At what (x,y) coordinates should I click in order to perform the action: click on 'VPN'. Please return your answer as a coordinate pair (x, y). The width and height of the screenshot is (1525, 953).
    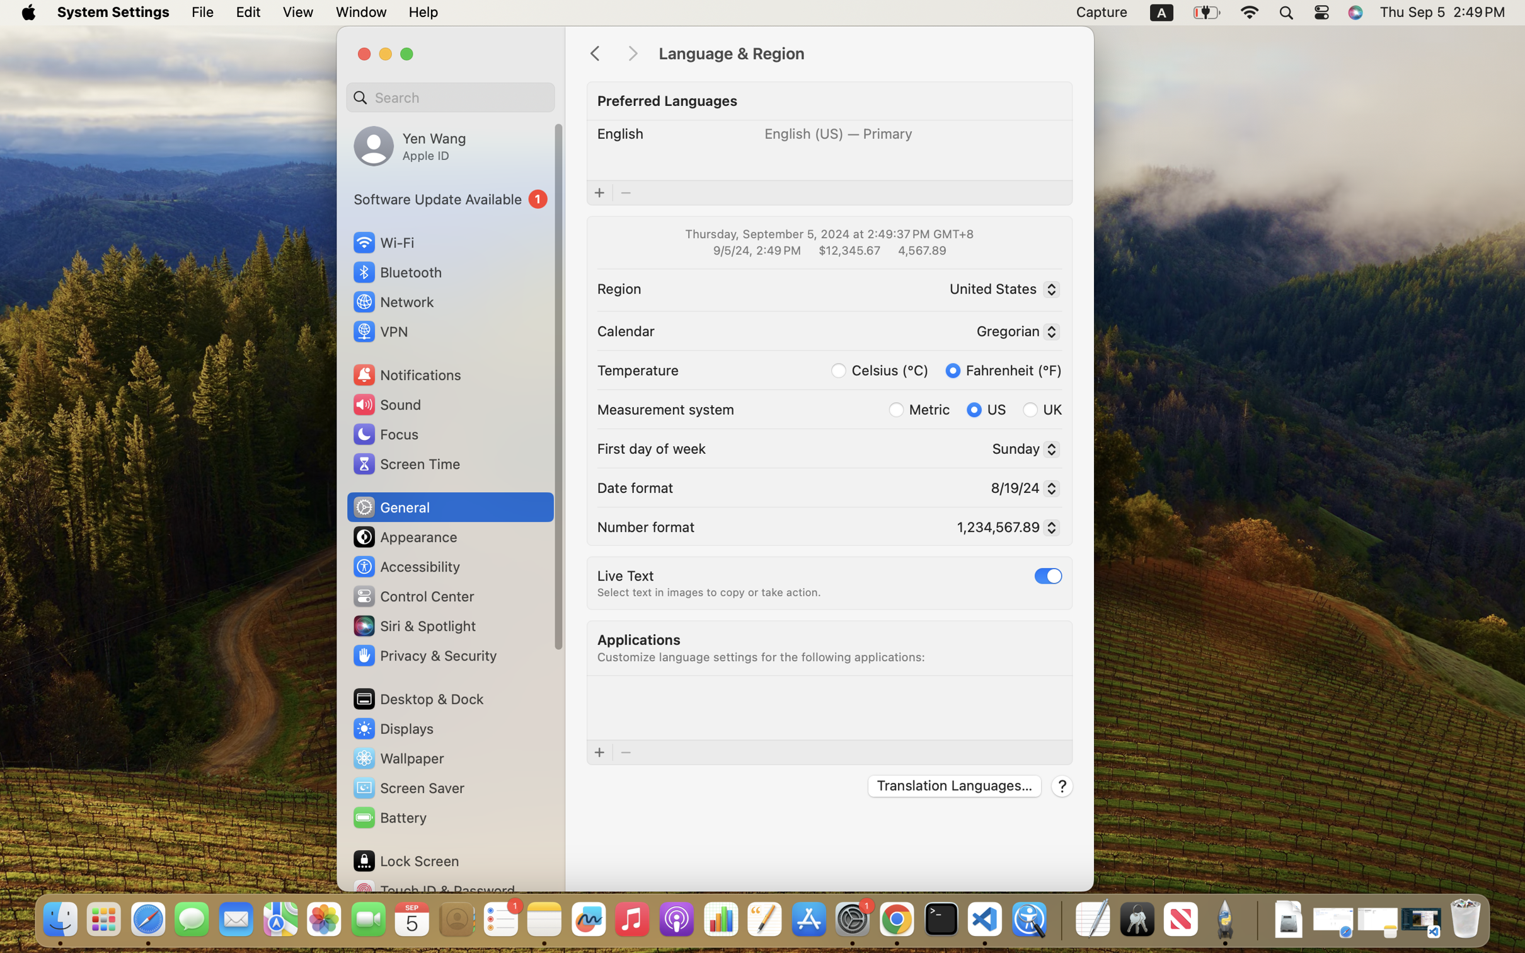
    Looking at the image, I should click on (379, 332).